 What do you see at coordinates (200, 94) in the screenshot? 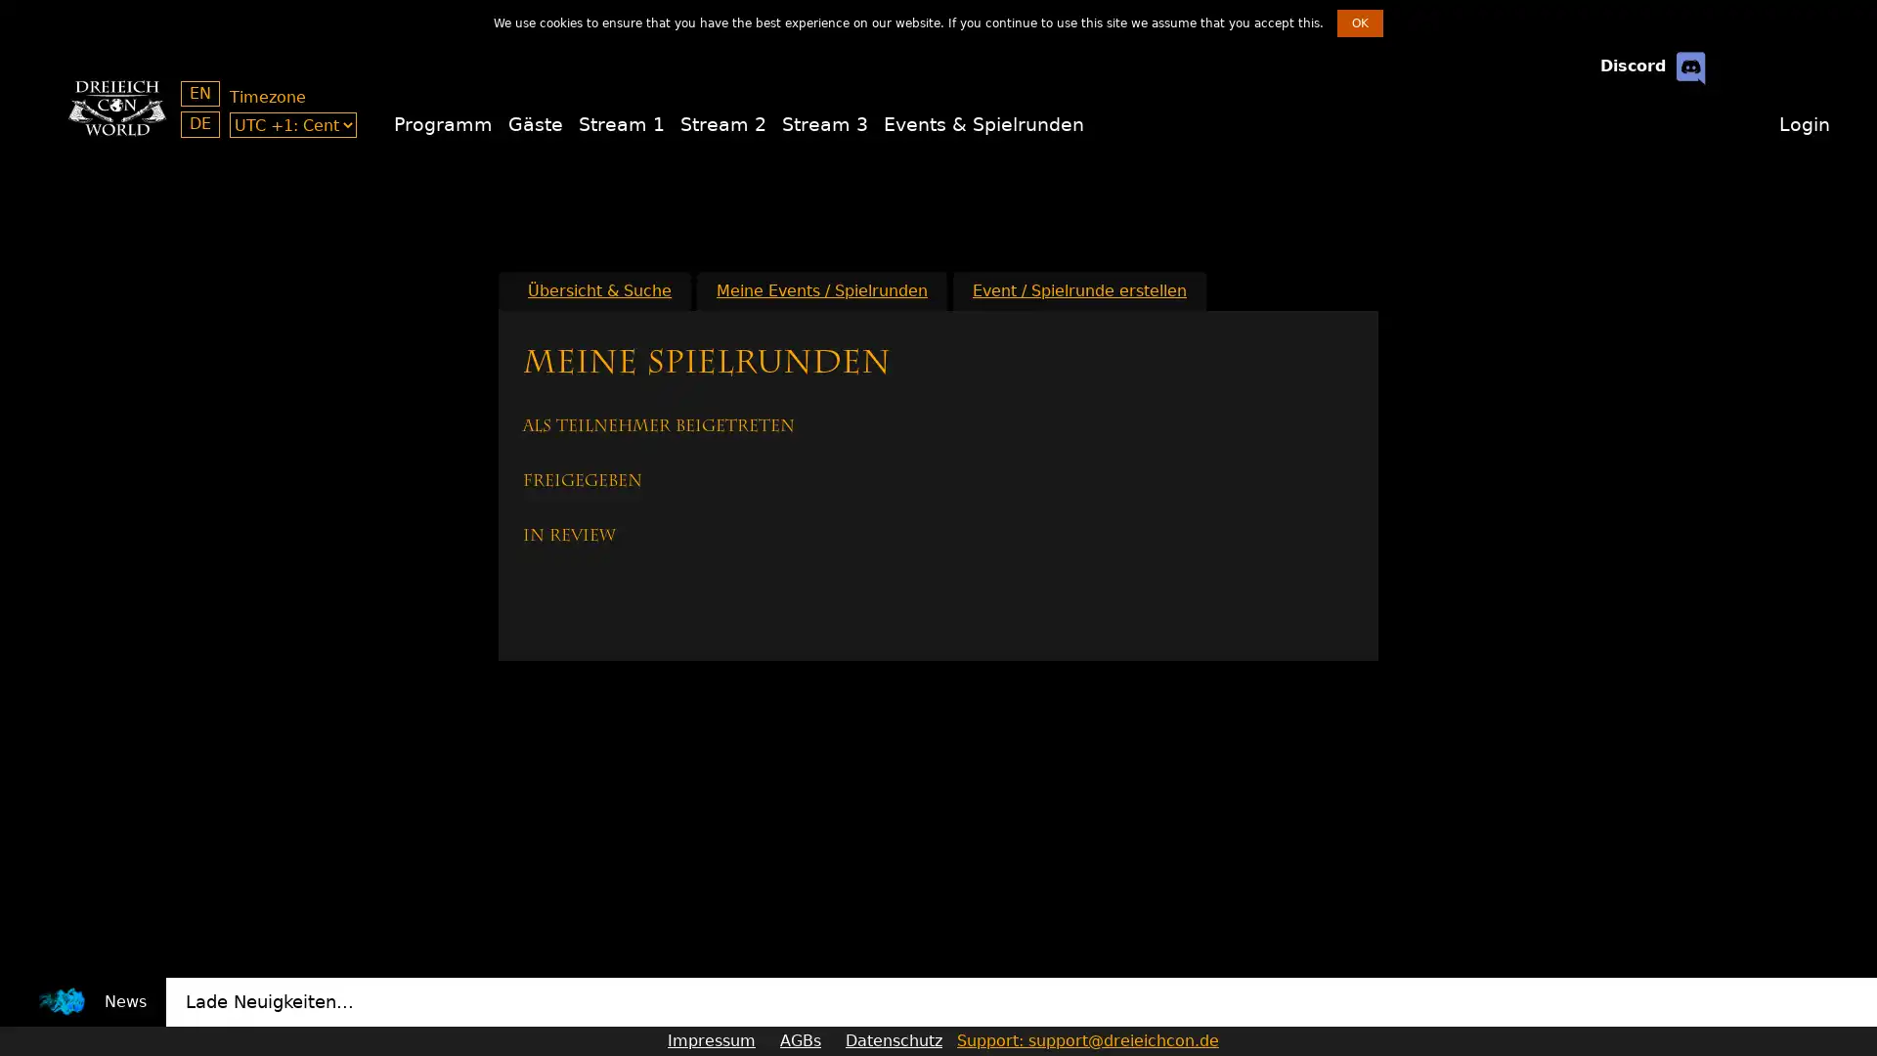
I see `EN` at bounding box center [200, 94].